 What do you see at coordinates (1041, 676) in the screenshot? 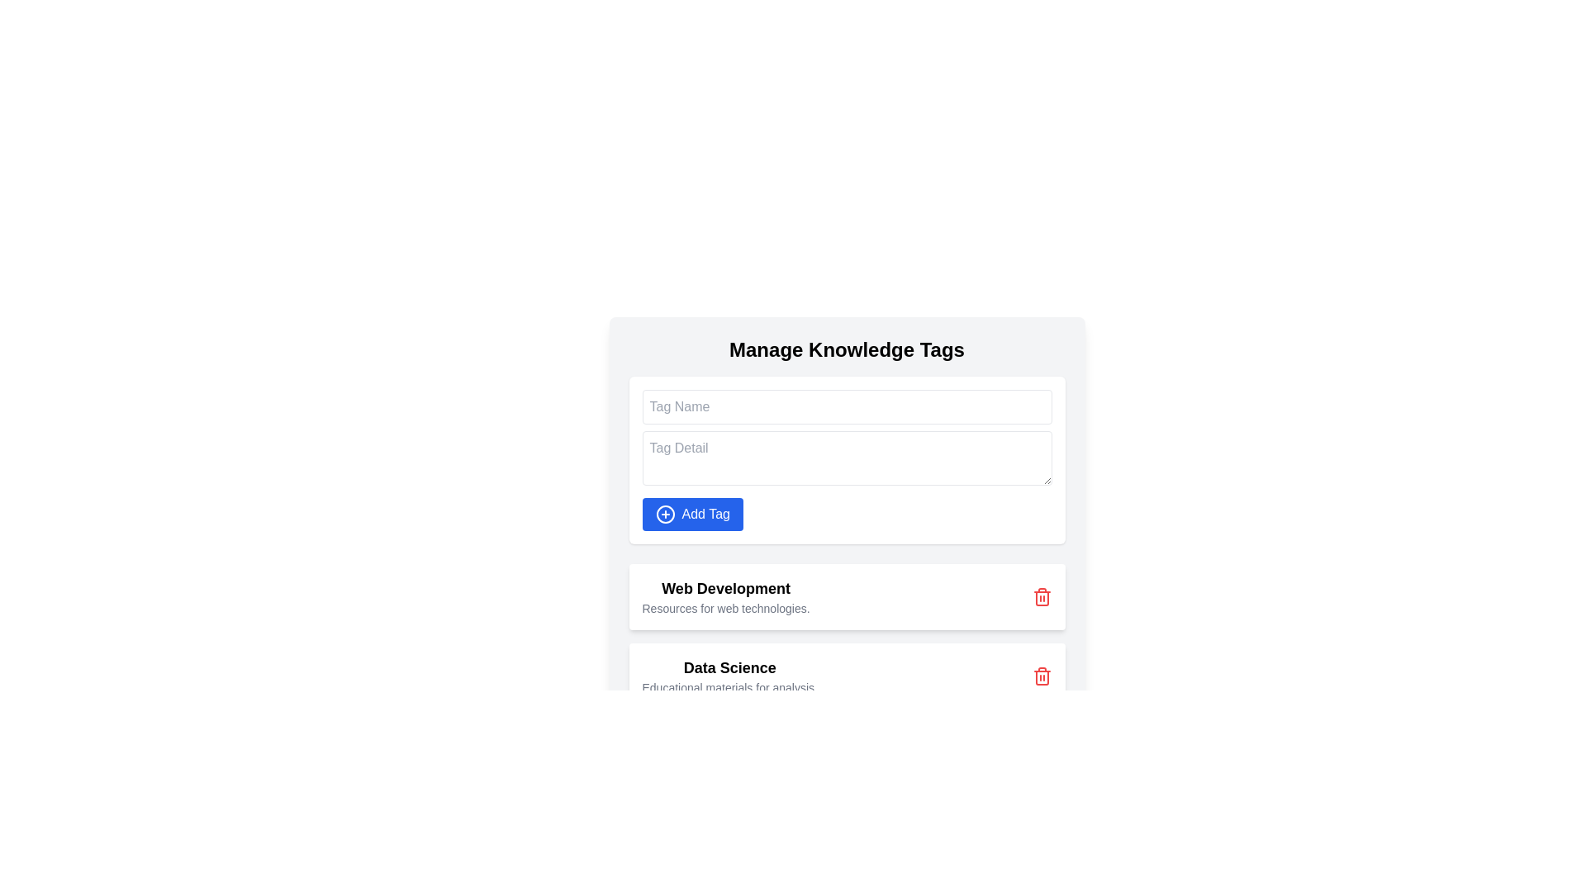
I see `the bright red trash can icon button located on the far right-hand side of the 'Data Science Educational materials for analysis' section` at bounding box center [1041, 676].